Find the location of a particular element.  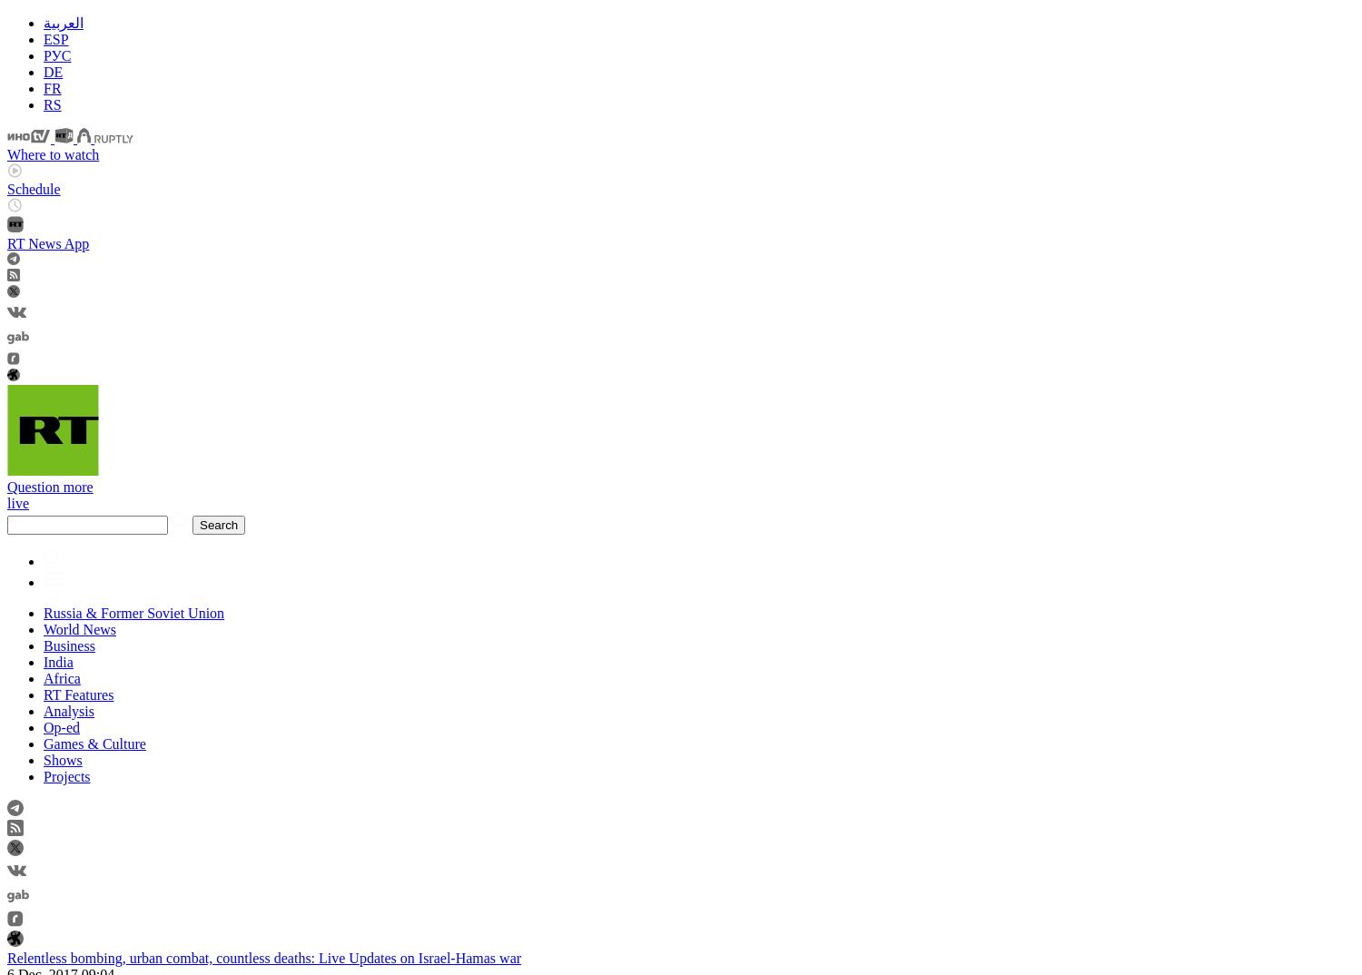

'live' is located at coordinates (17, 501).